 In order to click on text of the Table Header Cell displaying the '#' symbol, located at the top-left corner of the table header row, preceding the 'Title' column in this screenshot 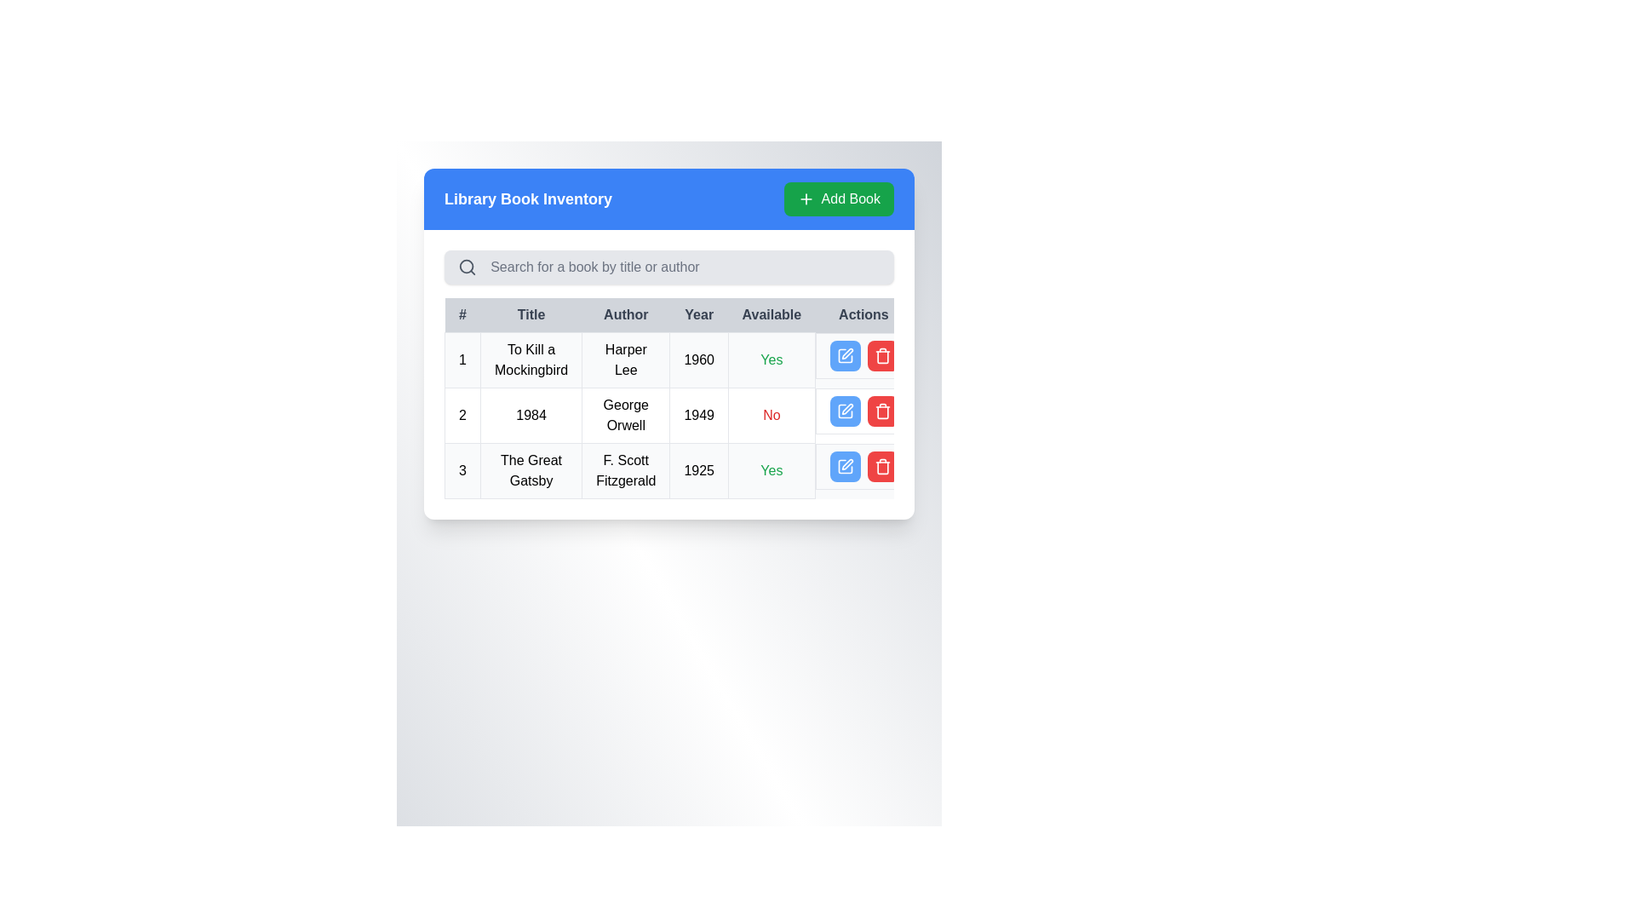, I will do `click(462, 315)`.